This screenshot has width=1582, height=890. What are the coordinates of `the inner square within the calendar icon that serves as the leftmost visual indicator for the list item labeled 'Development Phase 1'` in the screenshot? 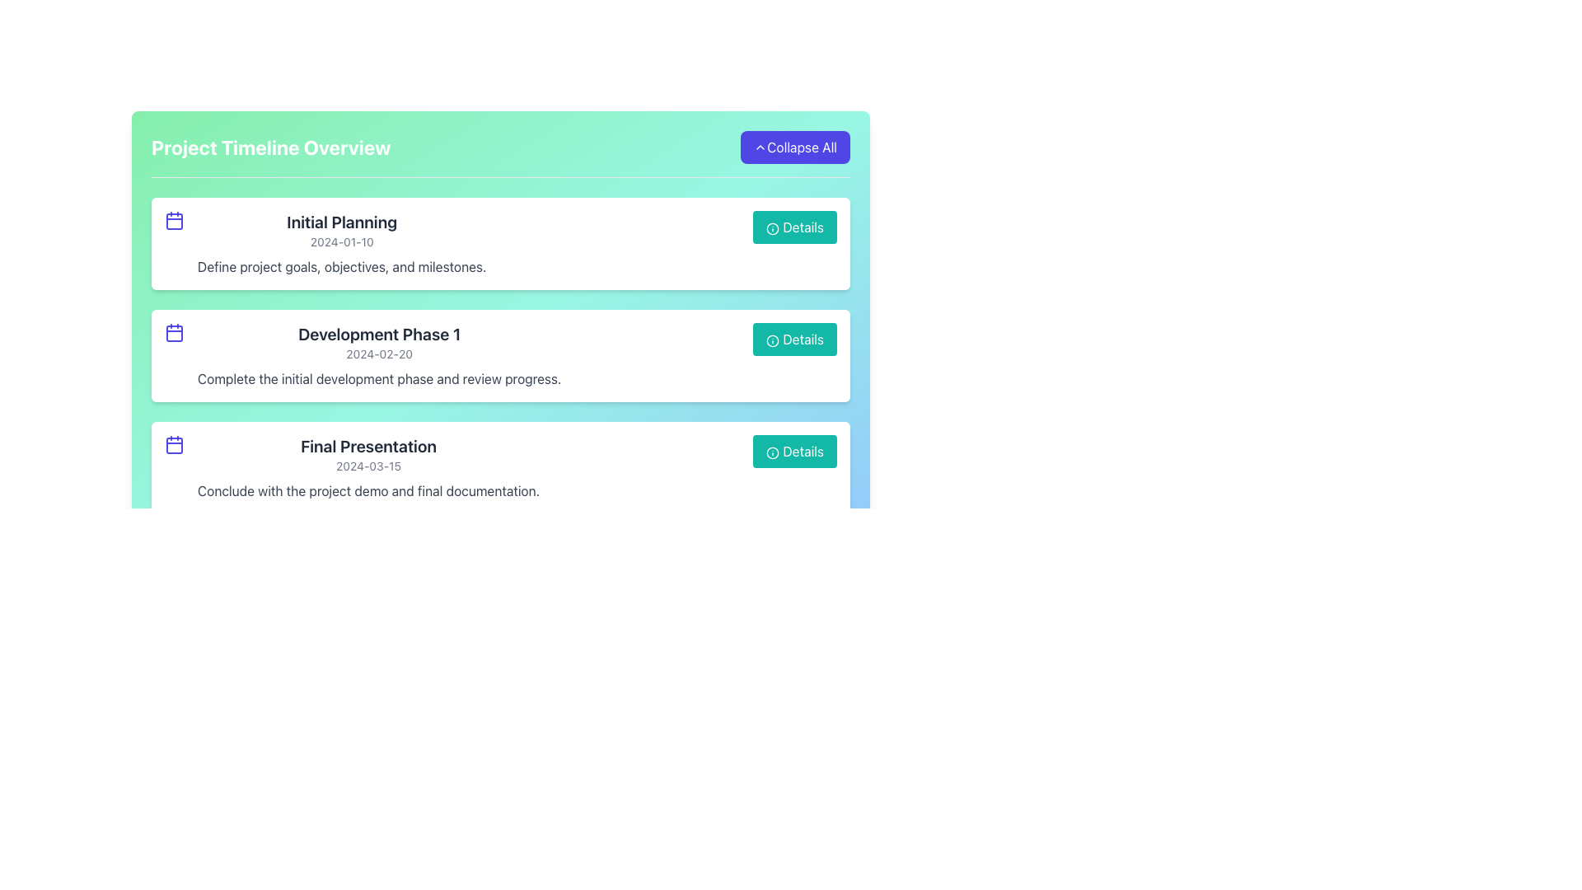 It's located at (174, 334).